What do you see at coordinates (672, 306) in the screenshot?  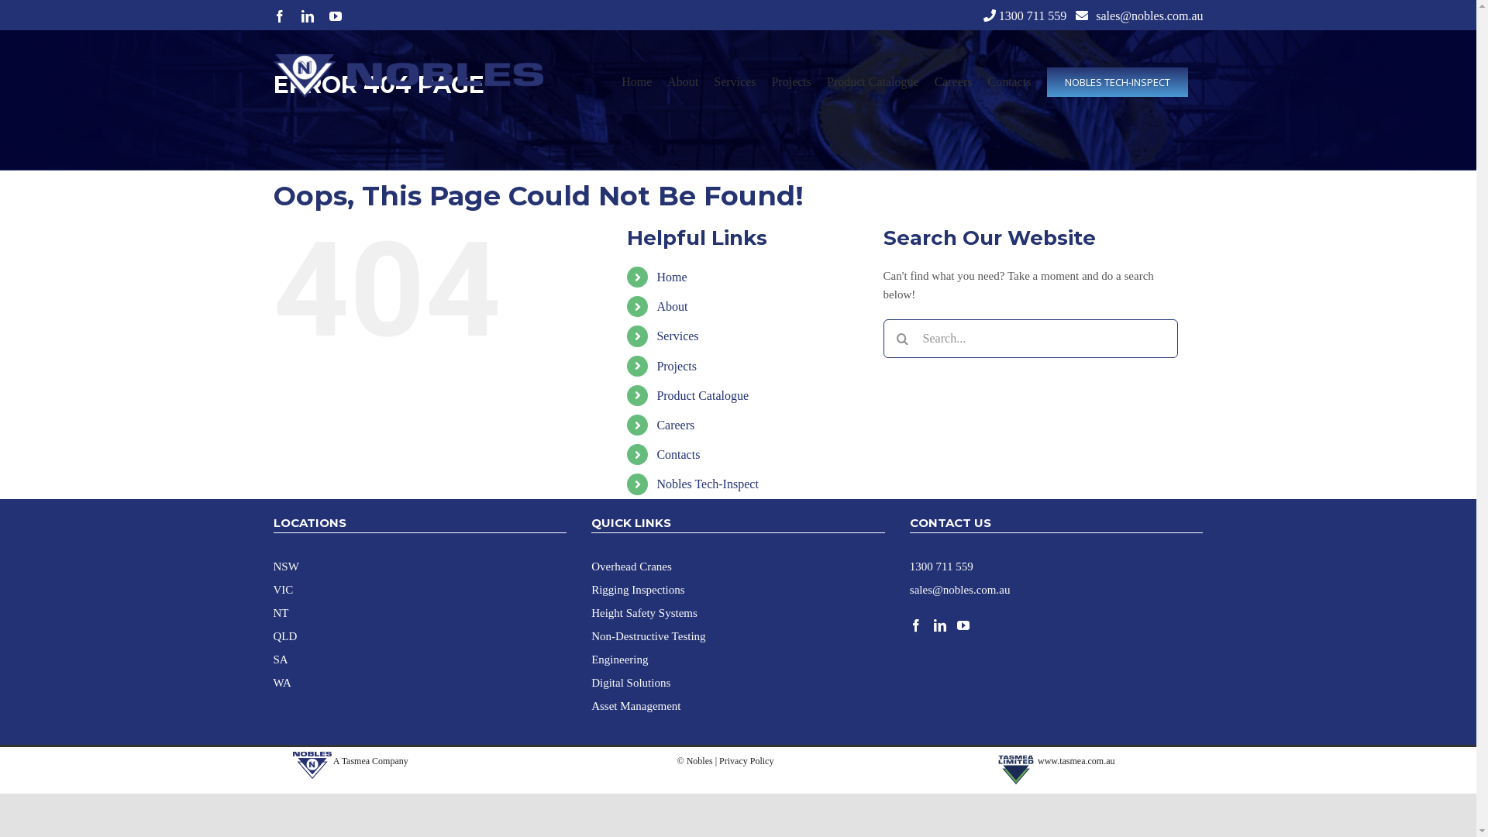 I see `'About'` at bounding box center [672, 306].